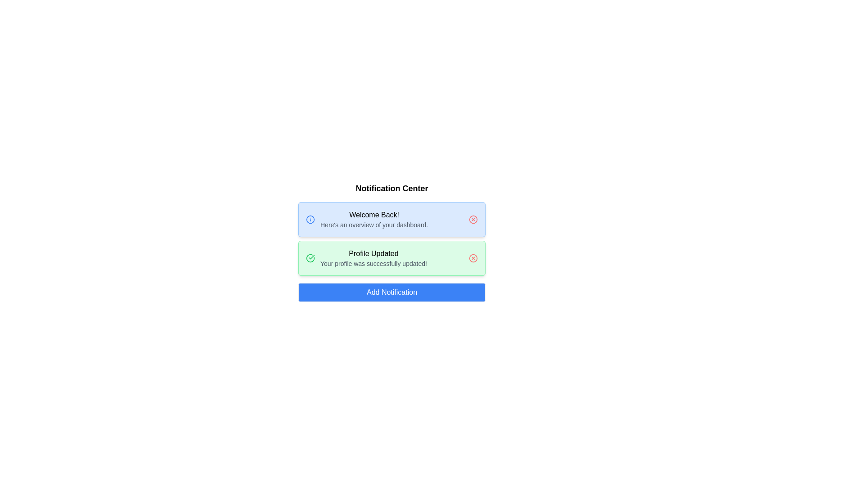 The image size is (864, 486). I want to click on the static text label displaying 'Profile Updated', which is centrally positioned in the second notification box with a green background, so click(373, 253).